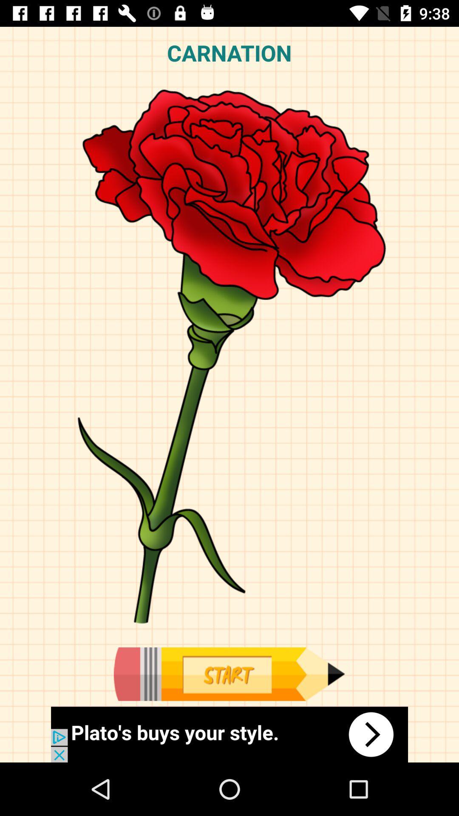  What do you see at coordinates (229, 674) in the screenshot?
I see `advertisement` at bounding box center [229, 674].